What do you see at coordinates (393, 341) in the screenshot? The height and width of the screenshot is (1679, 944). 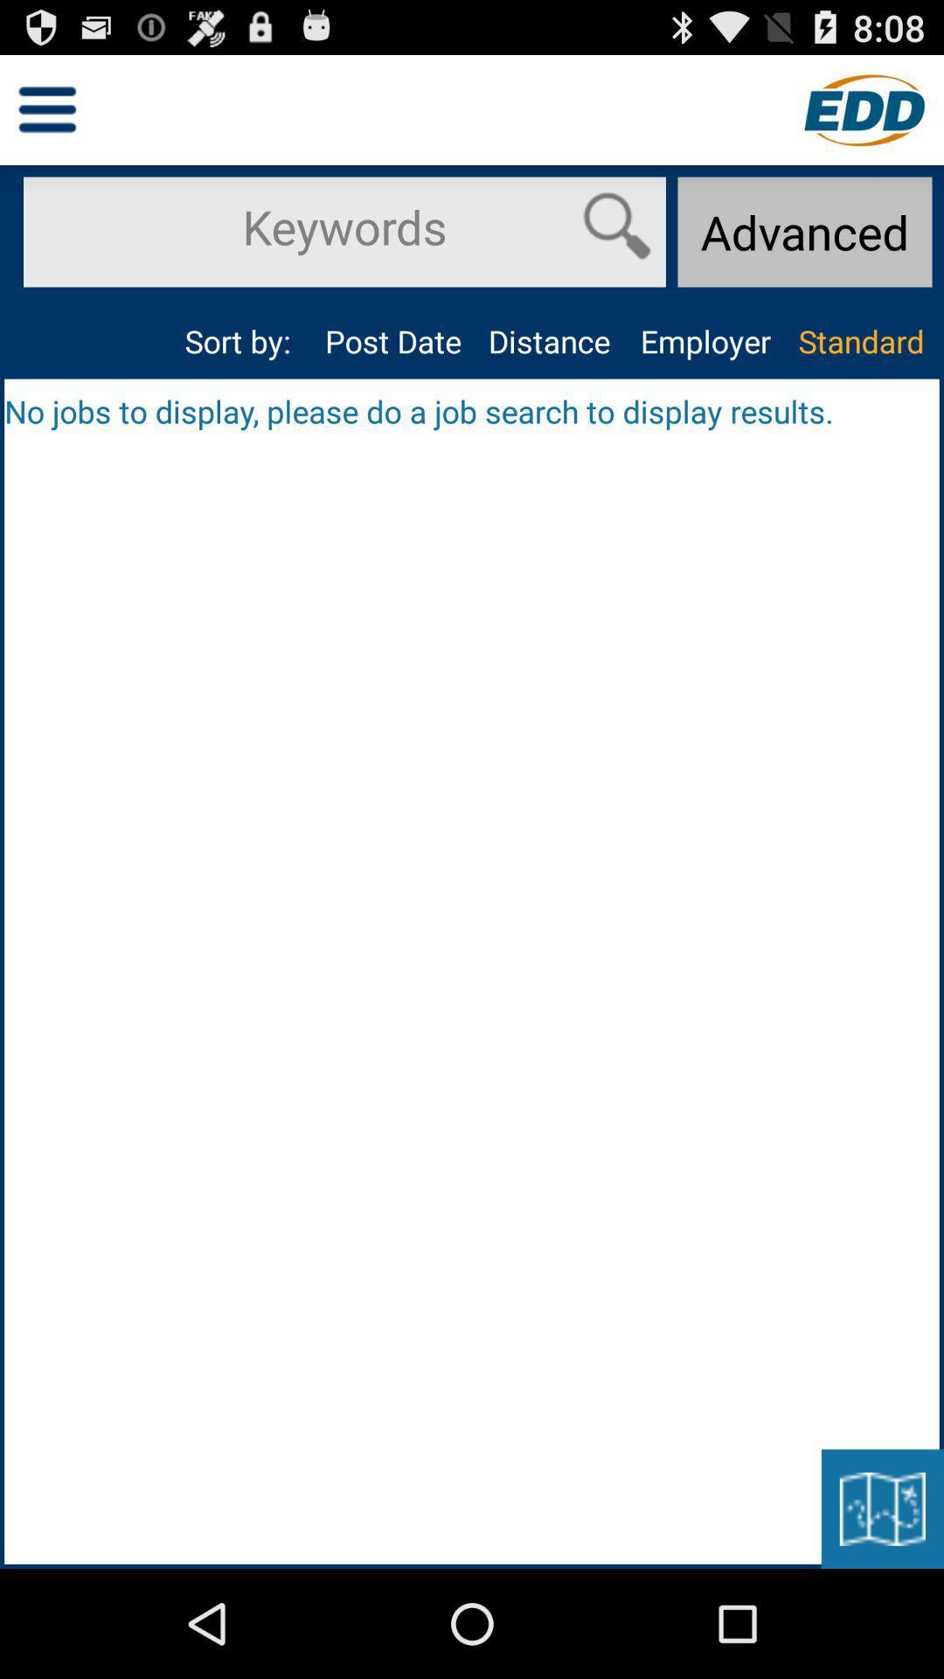 I see `item above the no jobs to item` at bounding box center [393, 341].